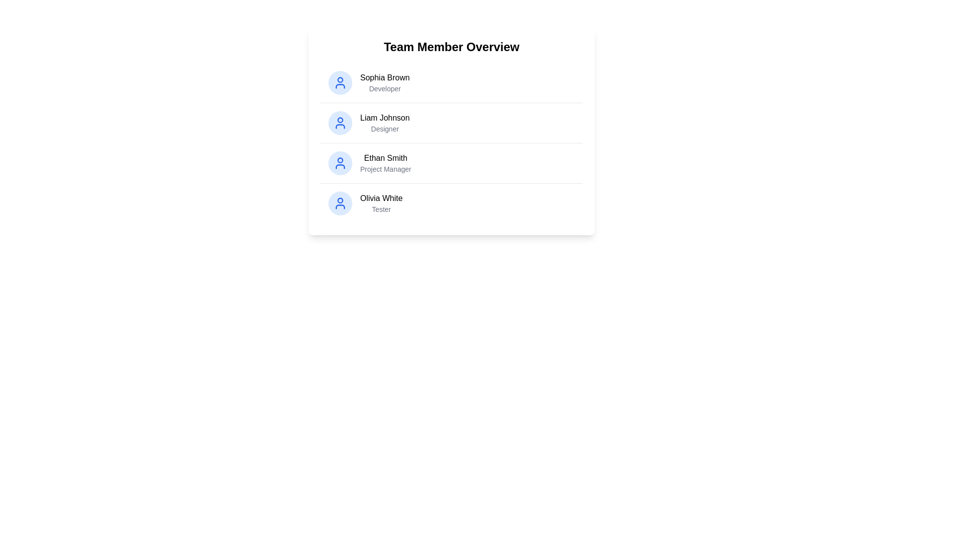 Image resolution: width=954 pixels, height=536 pixels. Describe the element at coordinates (384, 128) in the screenshot. I see `the text label displaying 'Designer', which is styled in gray and located directly below 'Liam Johnson' in the team members list` at that location.